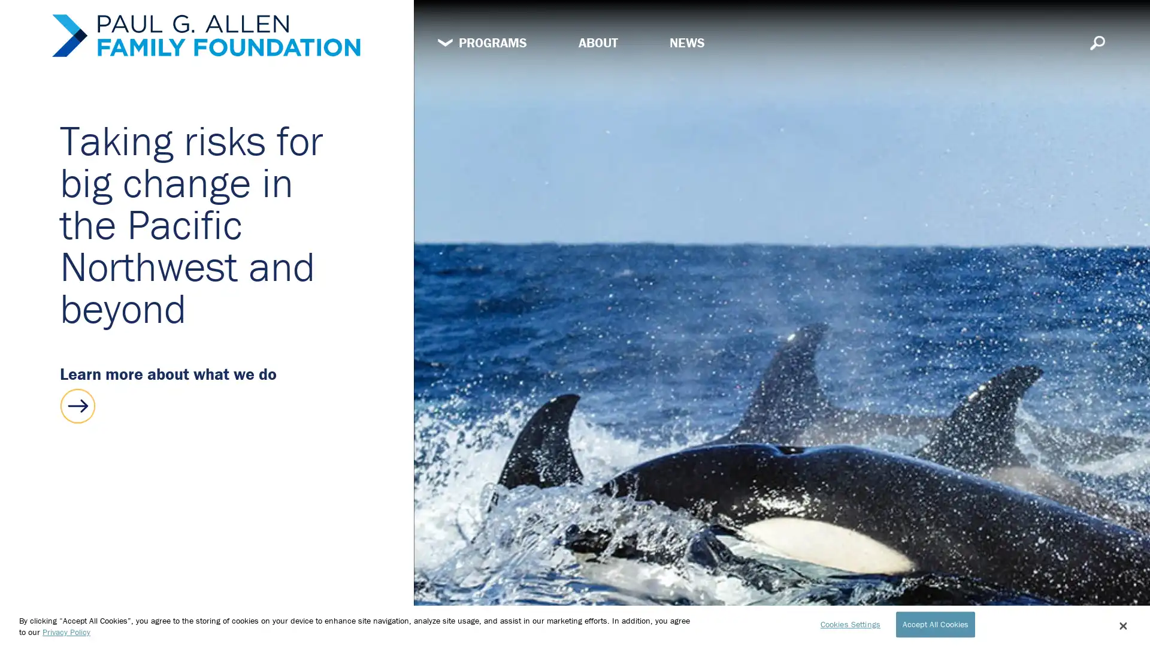 The width and height of the screenshot is (1150, 647). Describe the element at coordinates (934, 623) in the screenshot. I see `Accept All Cookies` at that location.